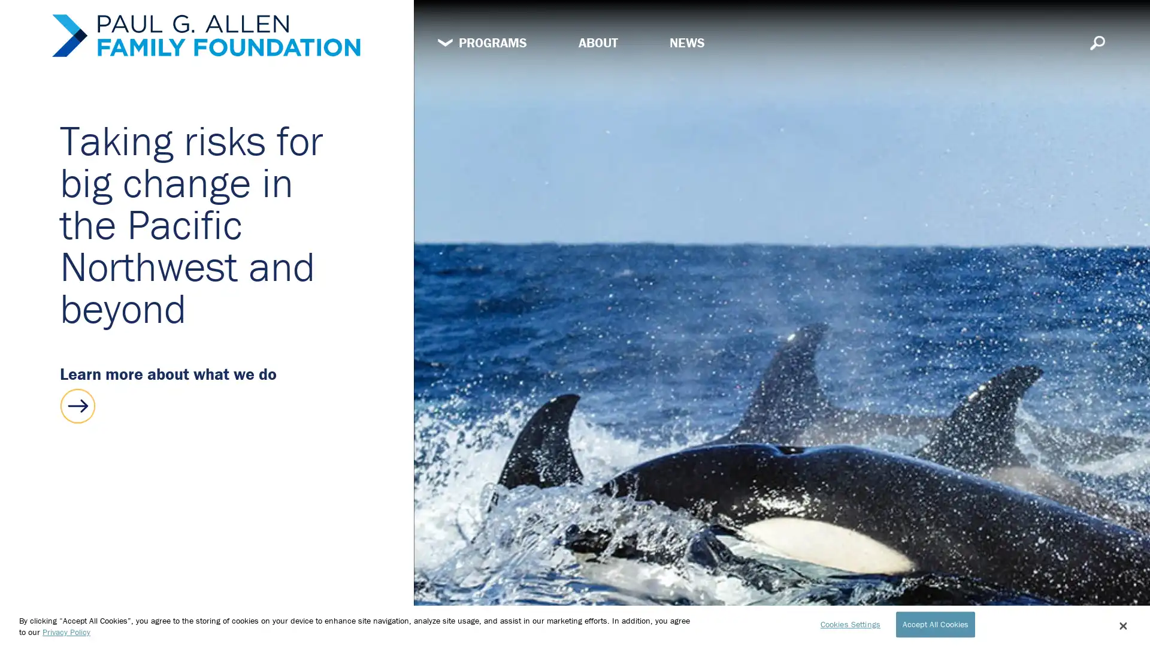 The width and height of the screenshot is (1150, 647). Describe the element at coordinates (934, 623) in the screenshot. I see `Accept All Cookies` at that location.